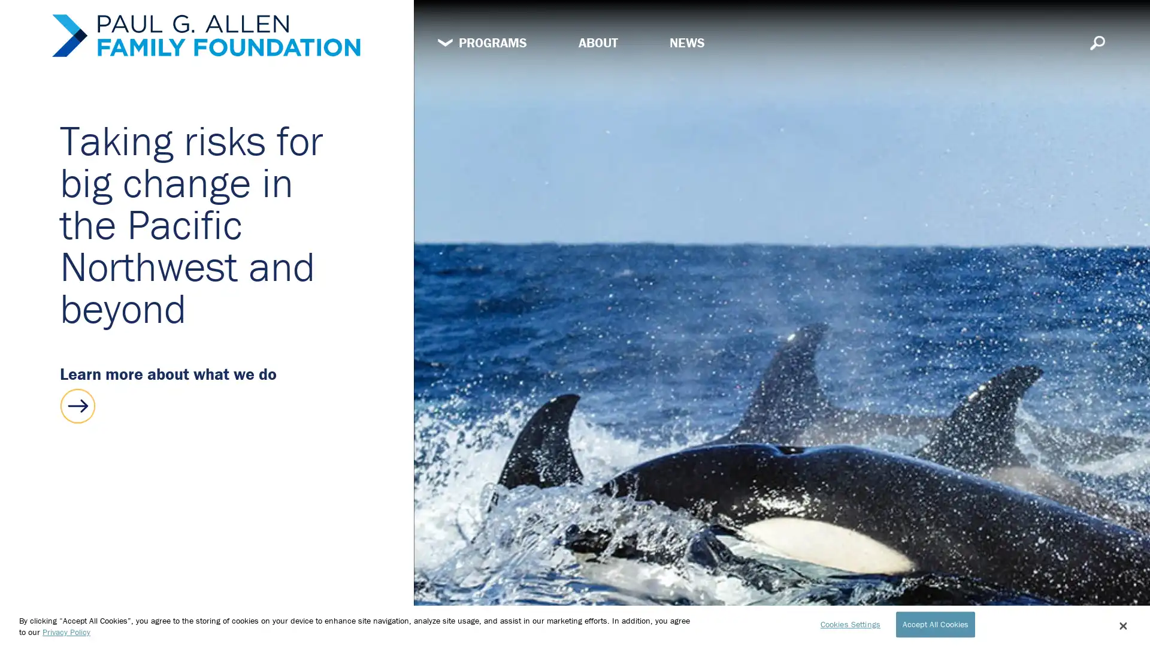 The width and height of the screenshot is (1150, 647). Describe the element at coordinates (934, 623) in the screenshot. I see `Accept All Cookies` at that location.